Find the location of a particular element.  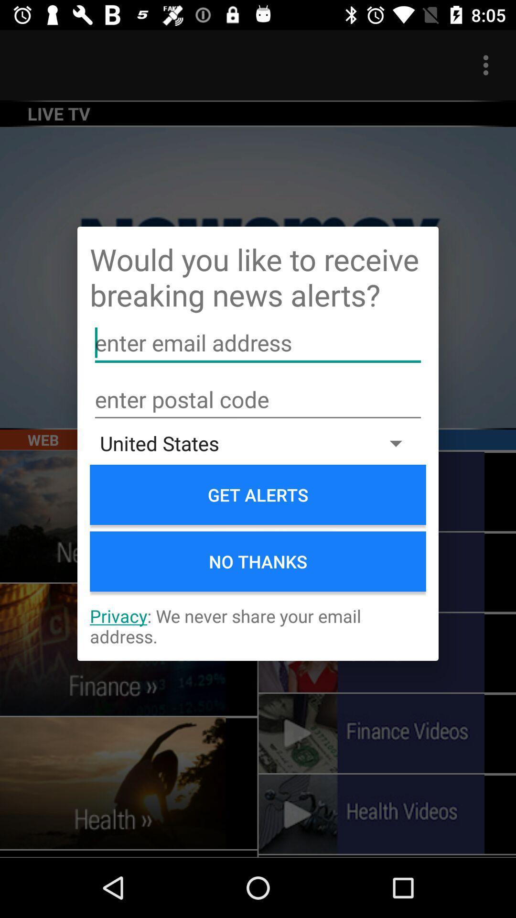

enters email address is located at coordinates (258, 343).